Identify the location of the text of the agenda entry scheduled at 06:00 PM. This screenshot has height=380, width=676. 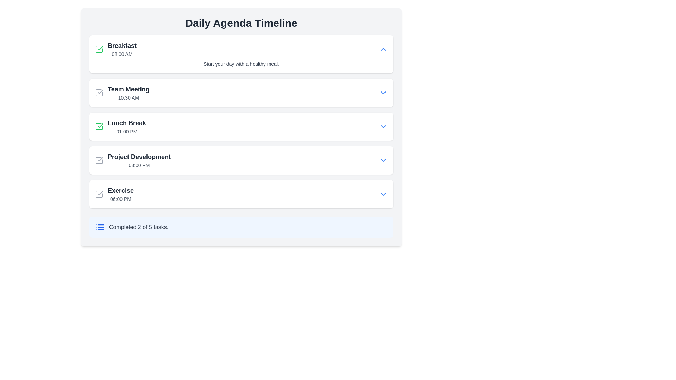
(114, 194).